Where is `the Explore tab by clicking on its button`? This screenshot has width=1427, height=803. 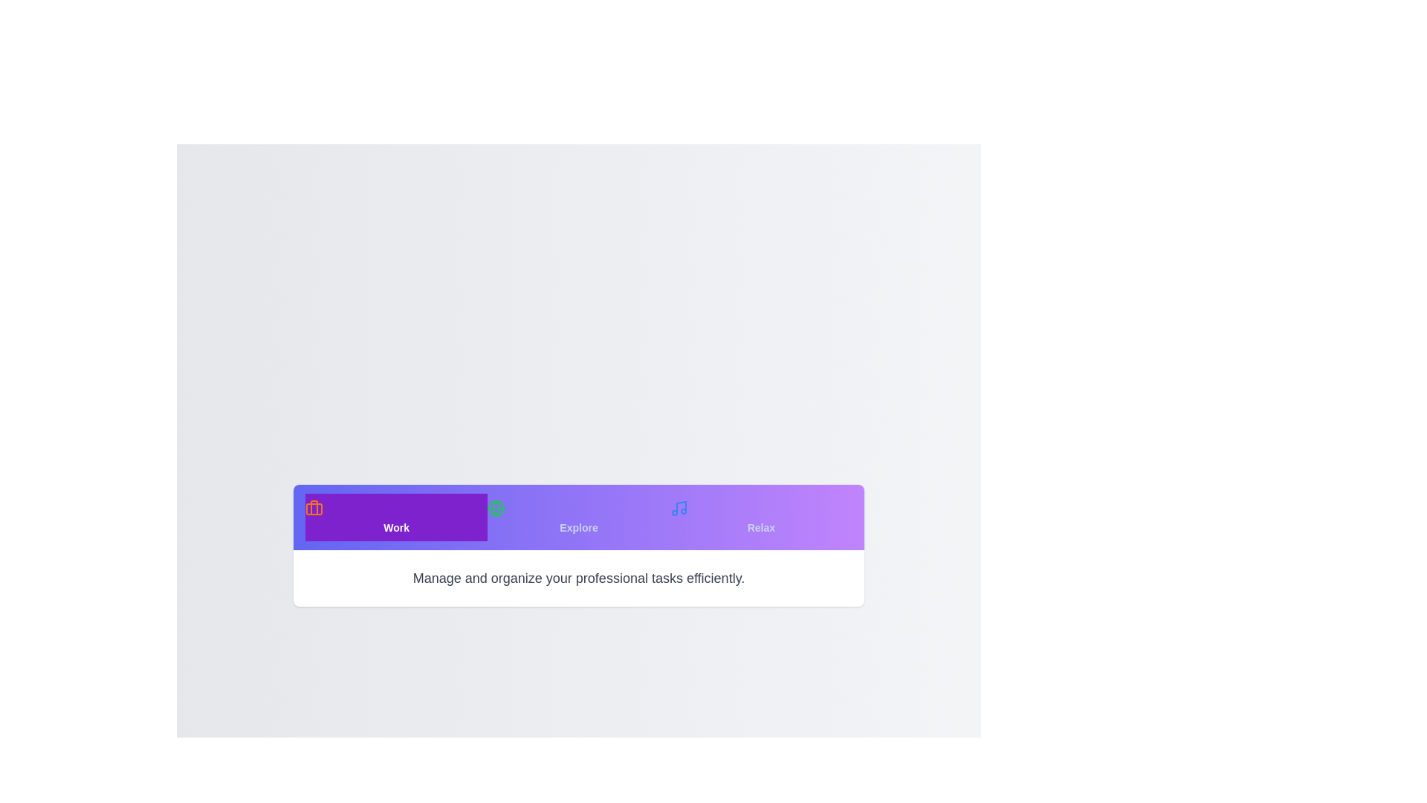
the Explore tab by clicking on its button is located at coordinates (577, 516).